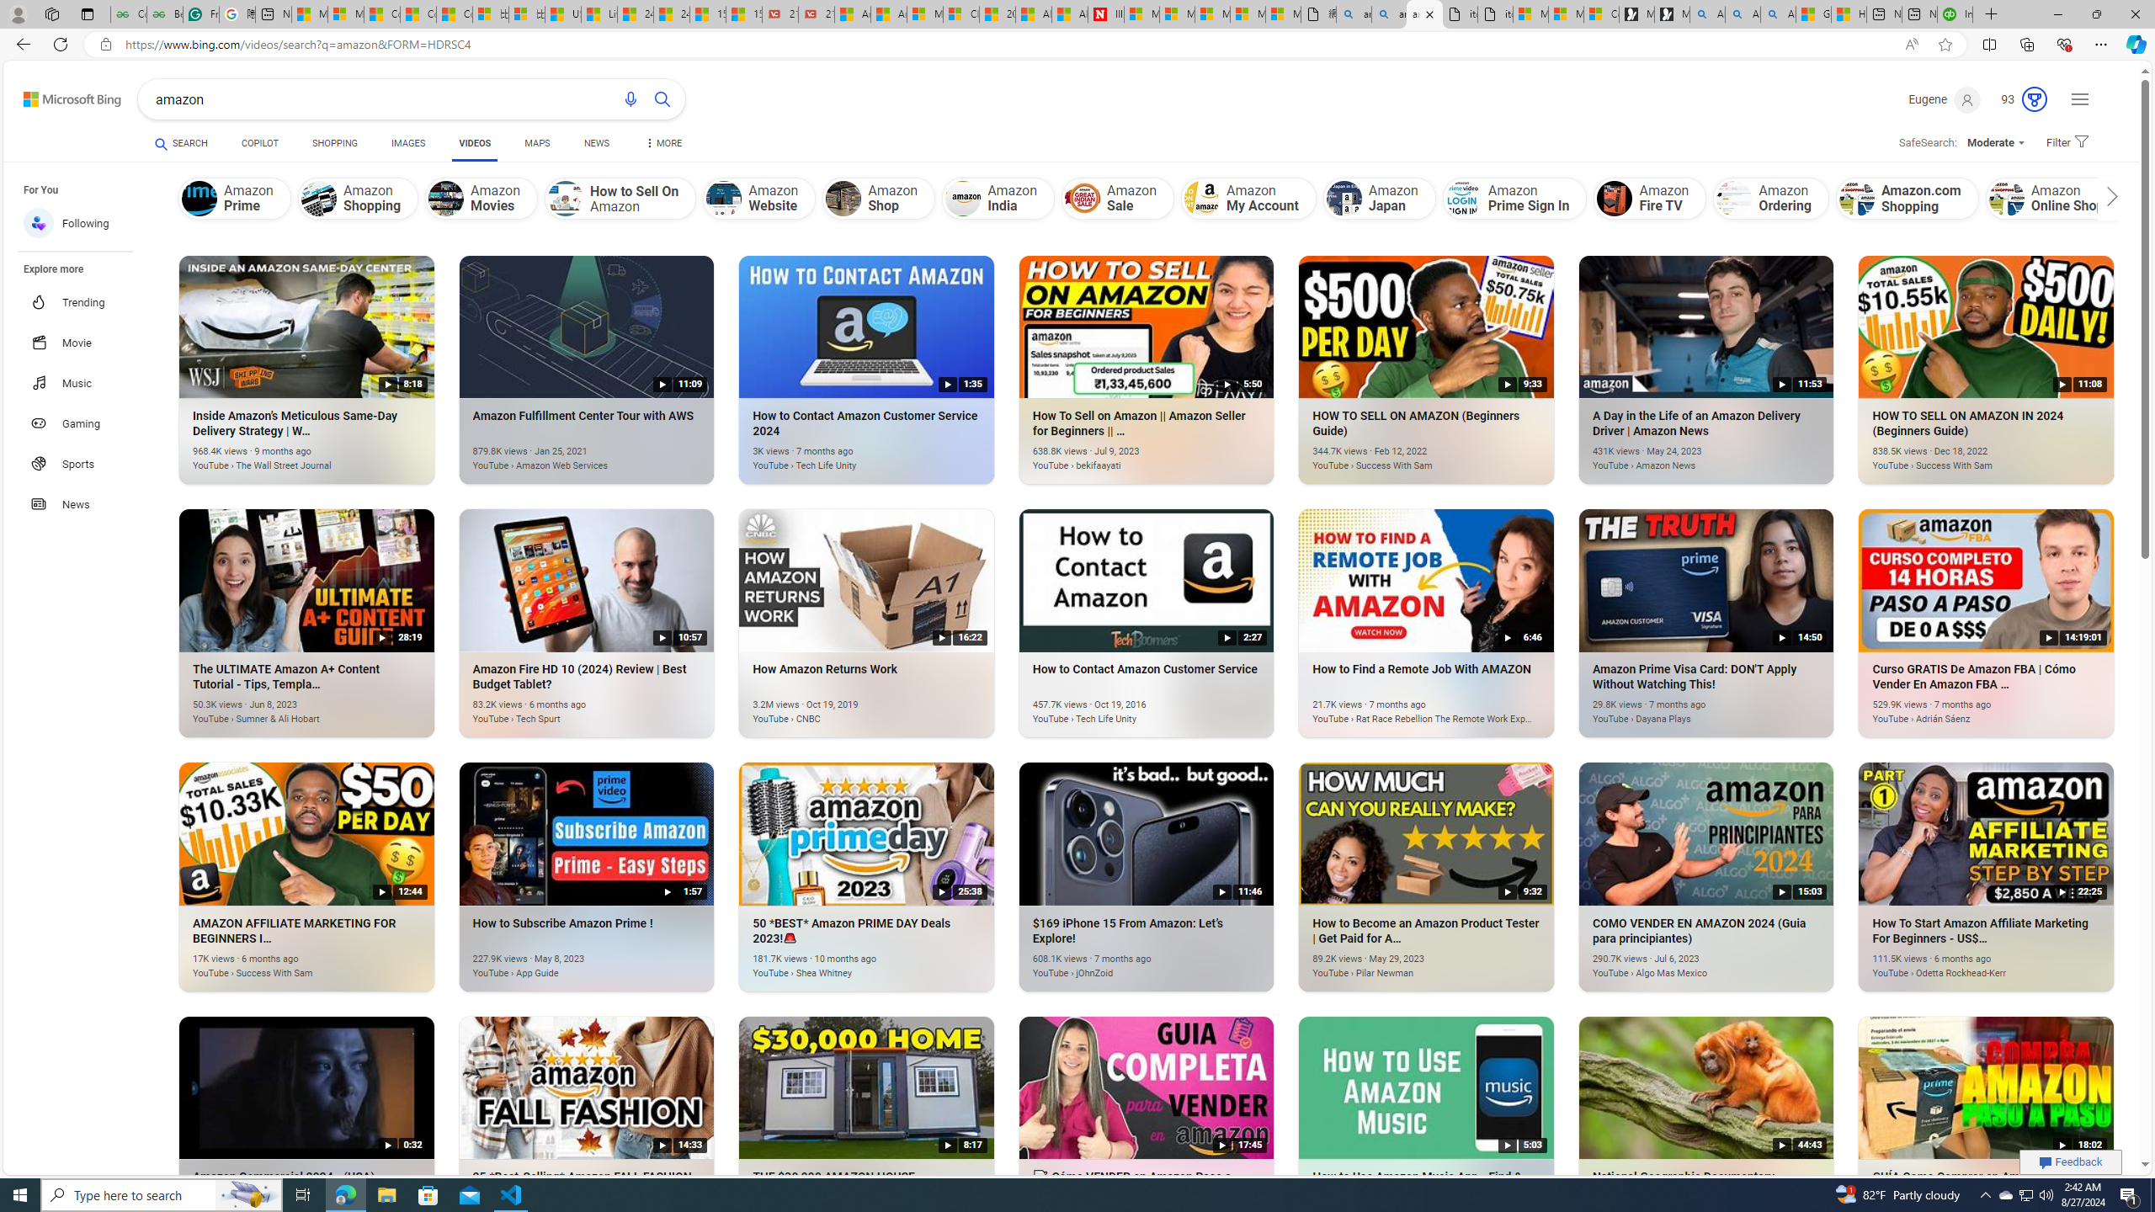 Image resolution: width=2155 pixels, height=1212 pixels. I want to click on 'Amazon India', so click(998, 198).